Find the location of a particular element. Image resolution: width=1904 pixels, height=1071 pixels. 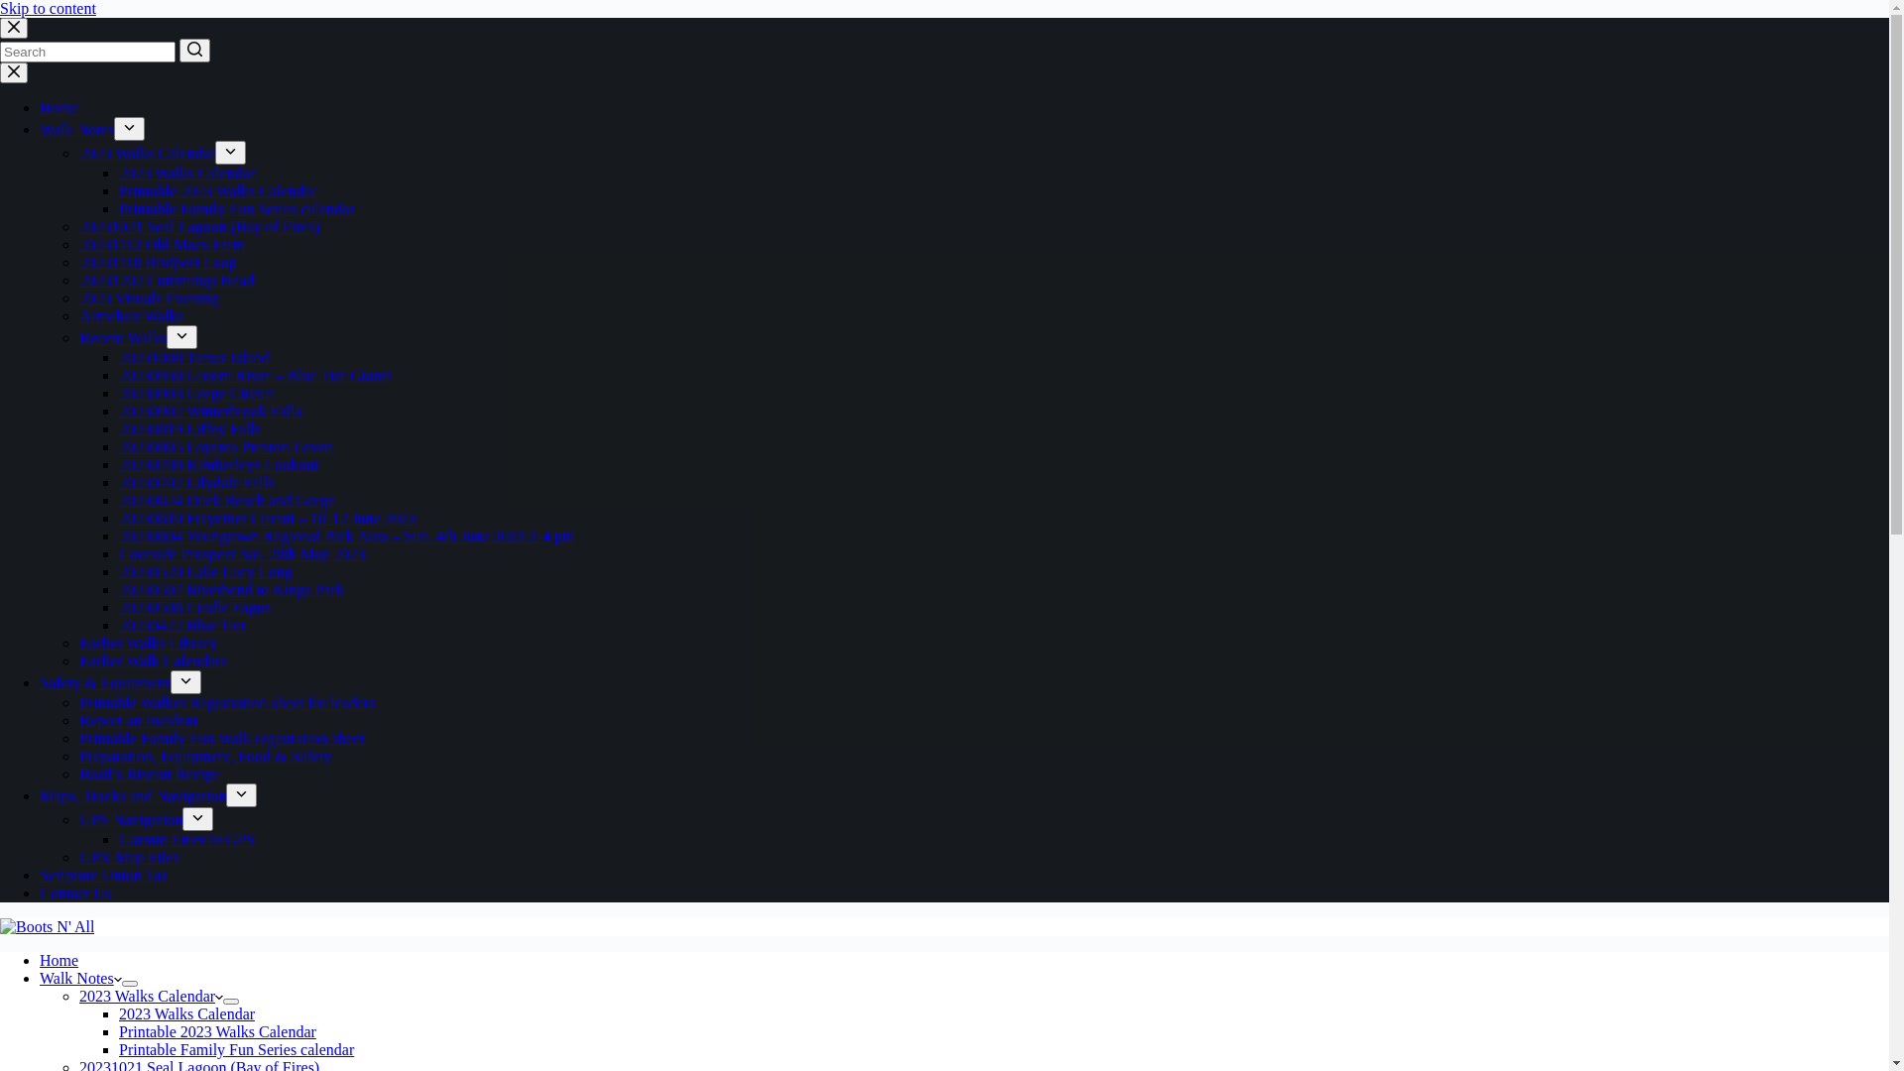

'2023 Walks Calendar' is located at coordinates (186, 1013).